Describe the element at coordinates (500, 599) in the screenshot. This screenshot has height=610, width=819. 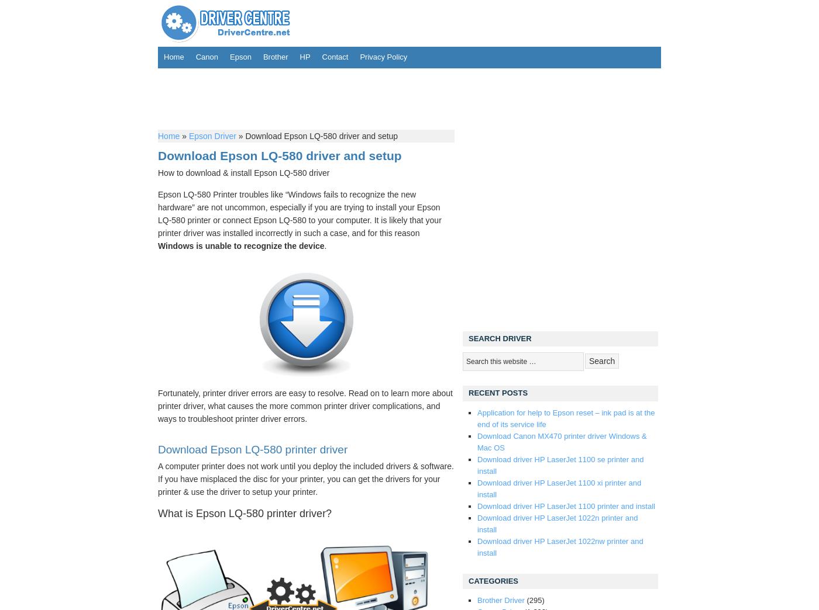
I see `'Brother Driver'` at that location.